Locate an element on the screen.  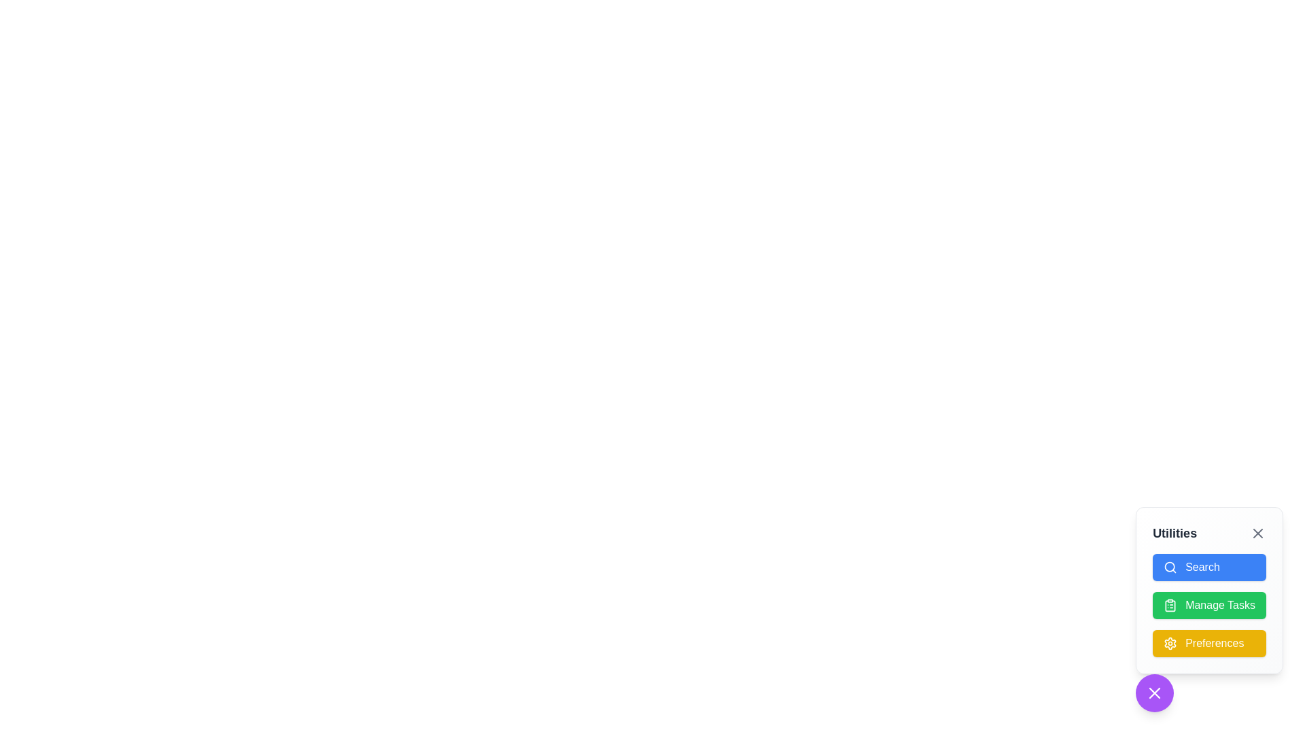
the close (X) icon in the top-right corner of the Utilities panel is located at coordinates (1154, 693).